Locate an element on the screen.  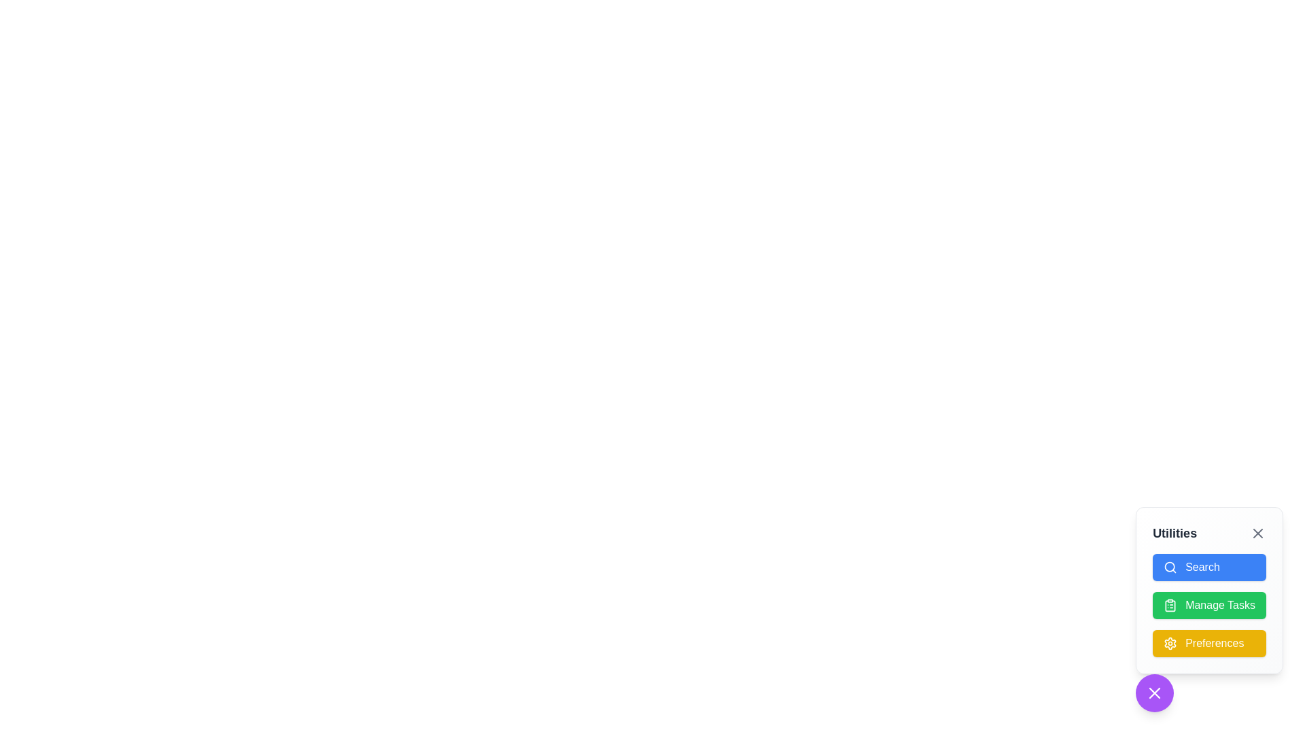
the close (X) icon in the top-right corner of the Utilities panel is located at coordinates (1154, 693).